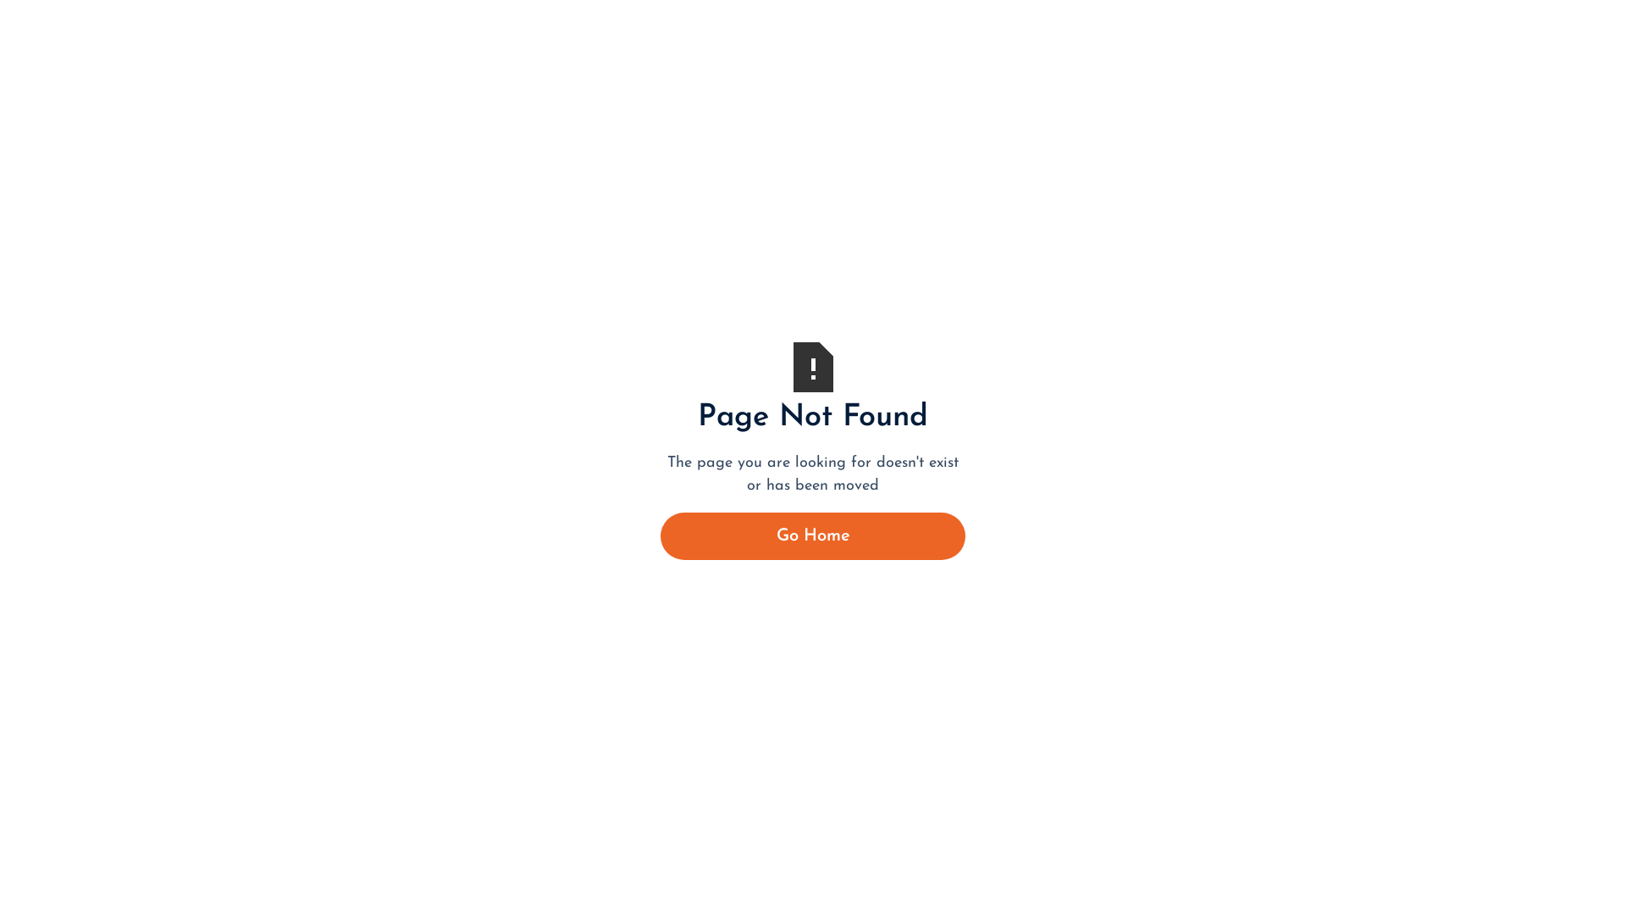 Image resolution: width=1626 pixels, height=915 pixels. What do you see at coordinates (813, 535) in the screenshot?
I see `'Go Home'` at bounding box center [813, 535].